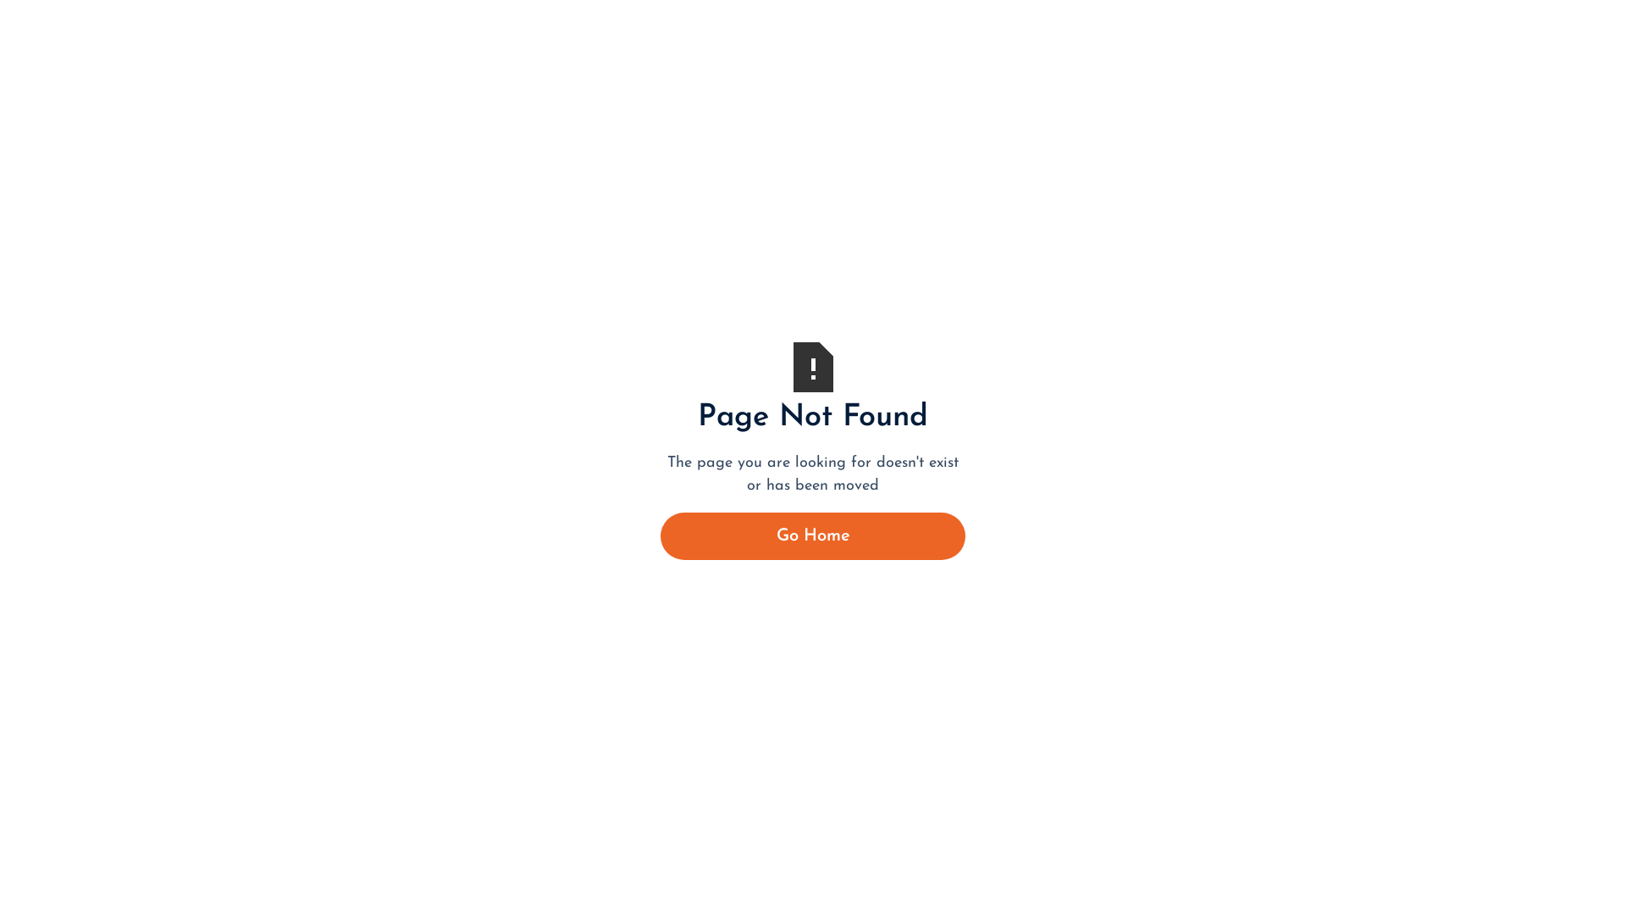 Image resolution: width=1626 pixels, height=915 pixels. What do you see at coordinates (813, 535) in the screenshot?
I see `'Go Home'` at bounding box center [813, 535].